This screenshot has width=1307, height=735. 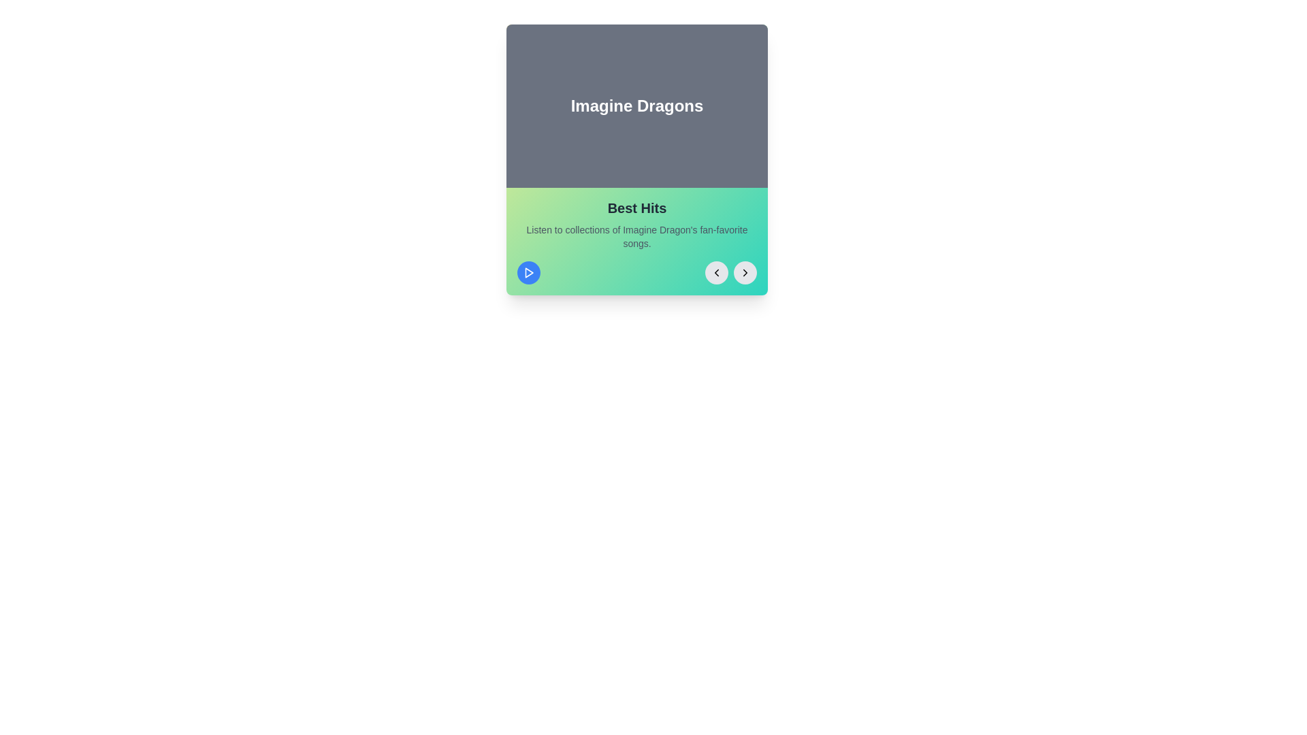 I want to click on the left chevron arrow icon, so click(x=715, y=273).